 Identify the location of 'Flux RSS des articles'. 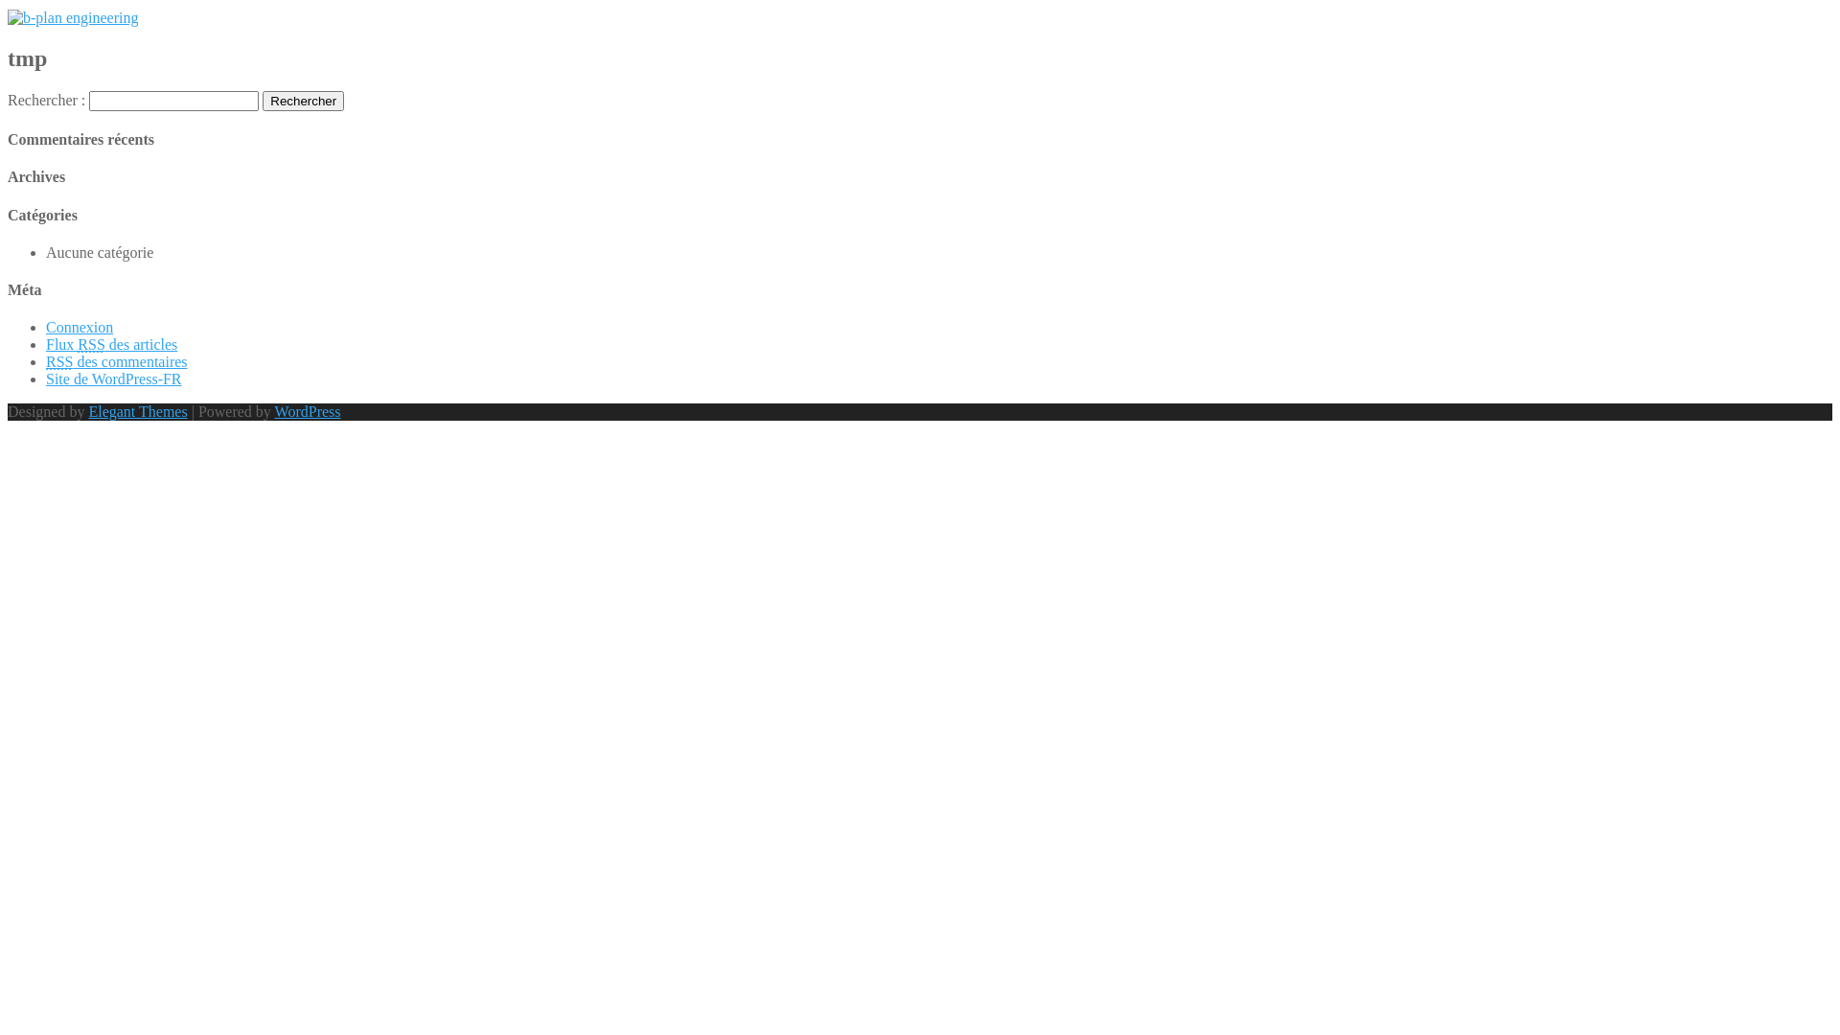
(110, 343).